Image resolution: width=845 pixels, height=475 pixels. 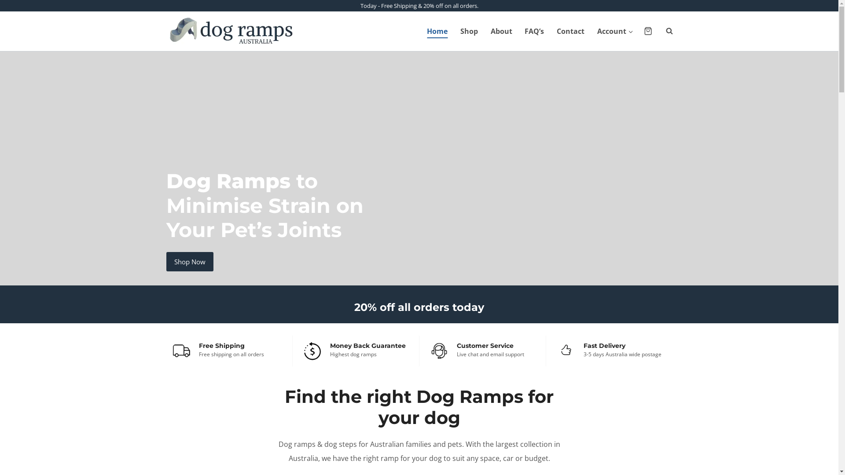 I want to click on 'About', so click(x=501, y=30).